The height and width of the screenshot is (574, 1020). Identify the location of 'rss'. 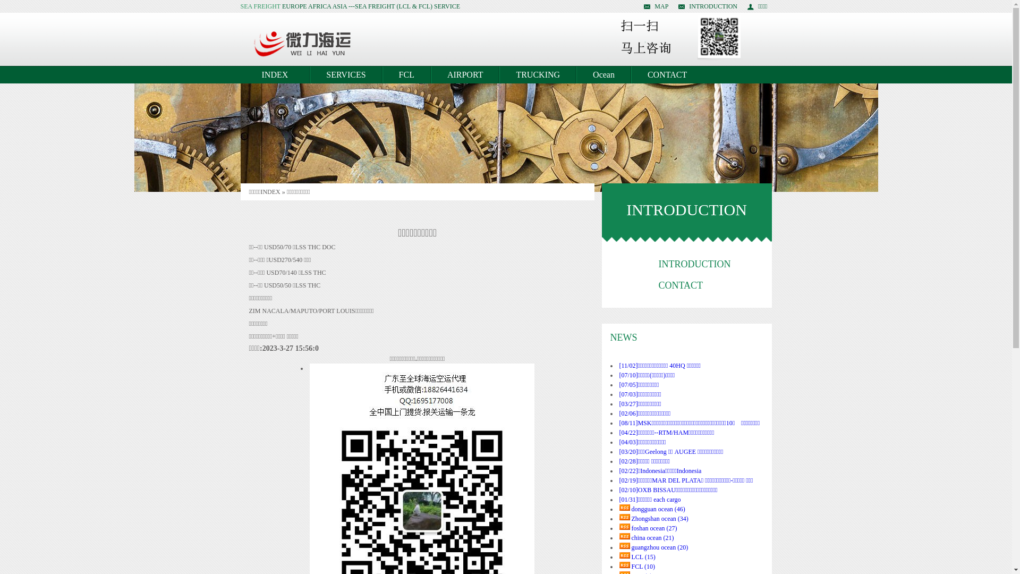
(625, 555).